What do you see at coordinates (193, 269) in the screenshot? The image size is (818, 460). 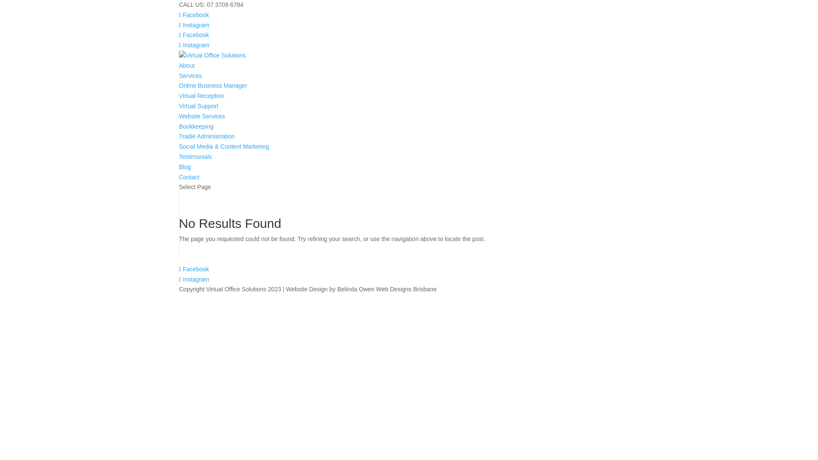 I see `'Facebook'` at bounding box center [193, 269].